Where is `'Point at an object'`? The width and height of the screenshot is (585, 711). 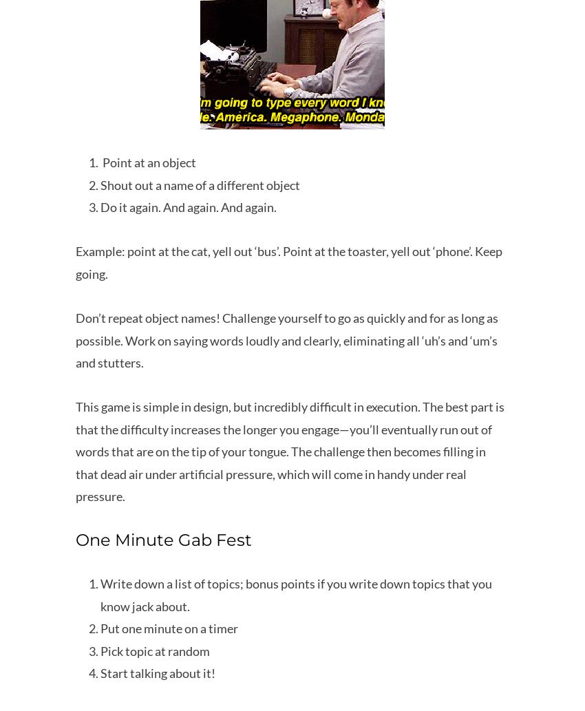 'Point at an object' is located at coordinates (148, 162).